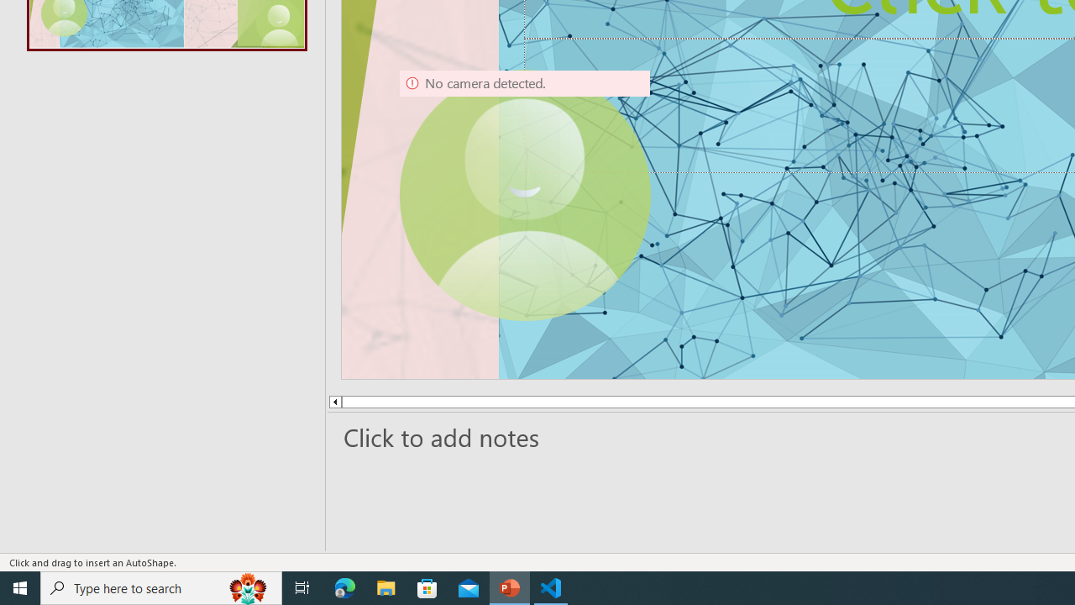 Image resolution: width=1075 pixels, height=605 pixels. What do you see at coordinates (523, 194) in the screenshot?
I see `'Camera 9, No camera detected.'` at bounding box center [523, 194].